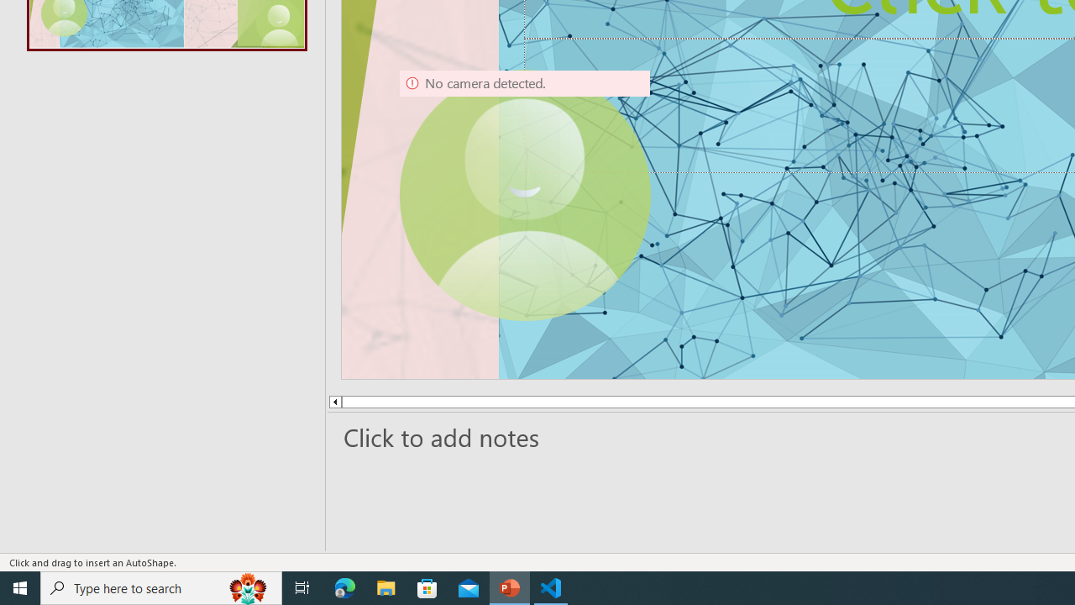 Image resolution: width=1075 pixels, height=605 pixels. What do you see at coordinates (523, 194) in the screenshot?
I see `'Camera 9, No camera detected.'` at bounding box center [523, 194].